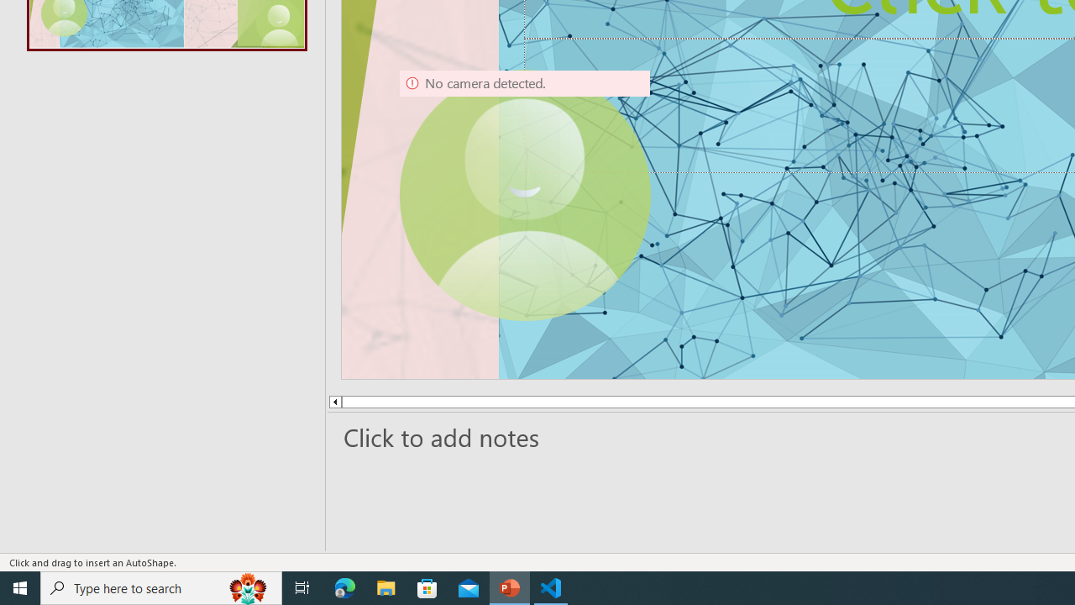 Image resolution: width=1075 pixels, height=605 pixels. What do you see at coordinates (523, 194) in the screenshot?
I see `'Camera 9, No camera detected.'` at bounding box center [523, 194].